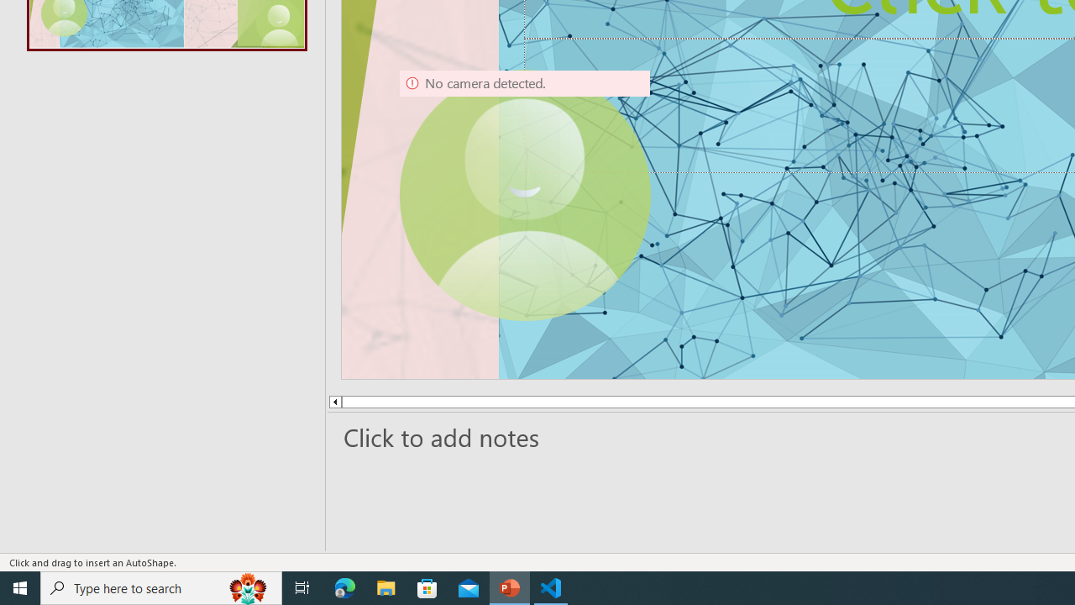 Image resolution: width=1075 pixels, height=605 pixels. What do you see at coordinates (523, 194) in the screenshot?
I see `'Camera 9, No camera detected.'` at bounding box center [523, 194].